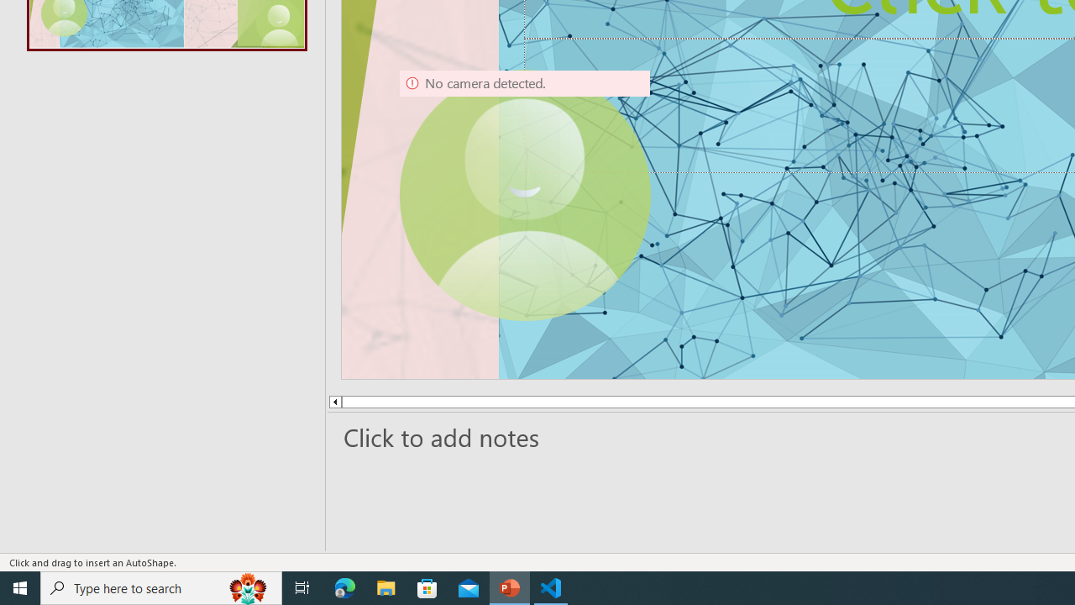 Image resolution: width=1075 pixels, height=605 pixels. What do you see at coordinates (523, 194) in the screenshot?
I see `'Camera 9, No camera detected.'` at bounding box center [523, 194].